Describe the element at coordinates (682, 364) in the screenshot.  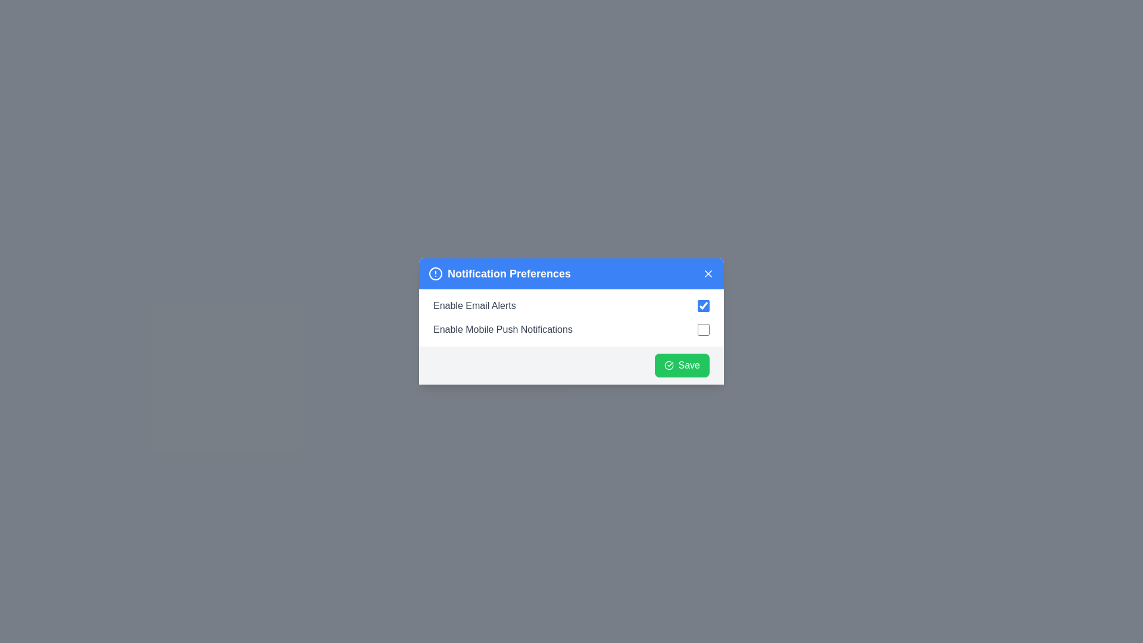
I see `the distinct green 'Save' button with rounded corners, located` at that location.